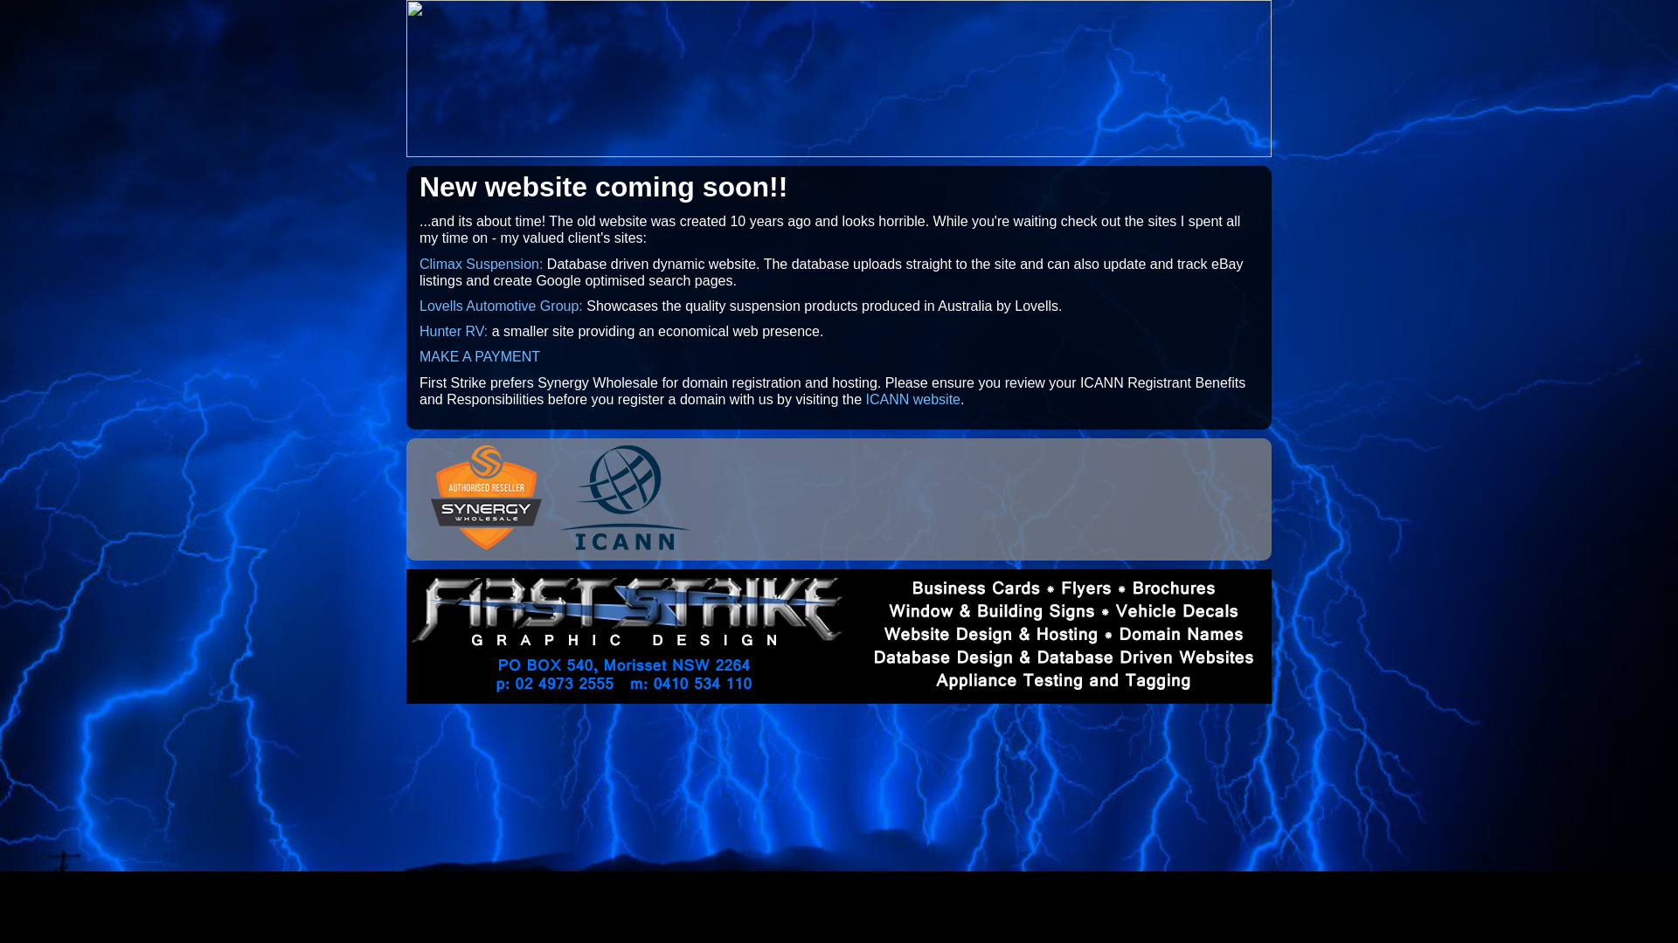 Image resolution: width=1678 pixels, height=943 pixels. I want to click on 'Hunter RV:', so click(453, 331).